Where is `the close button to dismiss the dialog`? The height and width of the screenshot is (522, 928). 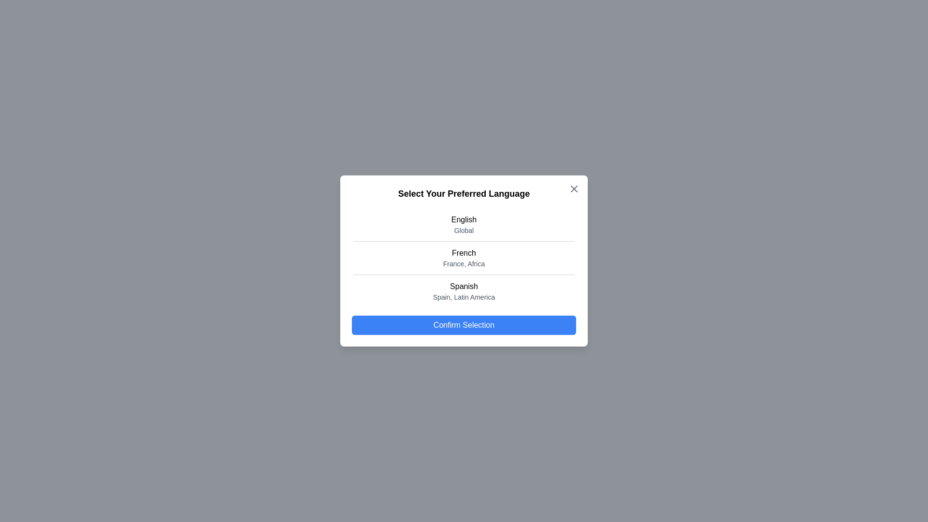 the close button to dismiss the dialog is located at coordinates (574, 188).